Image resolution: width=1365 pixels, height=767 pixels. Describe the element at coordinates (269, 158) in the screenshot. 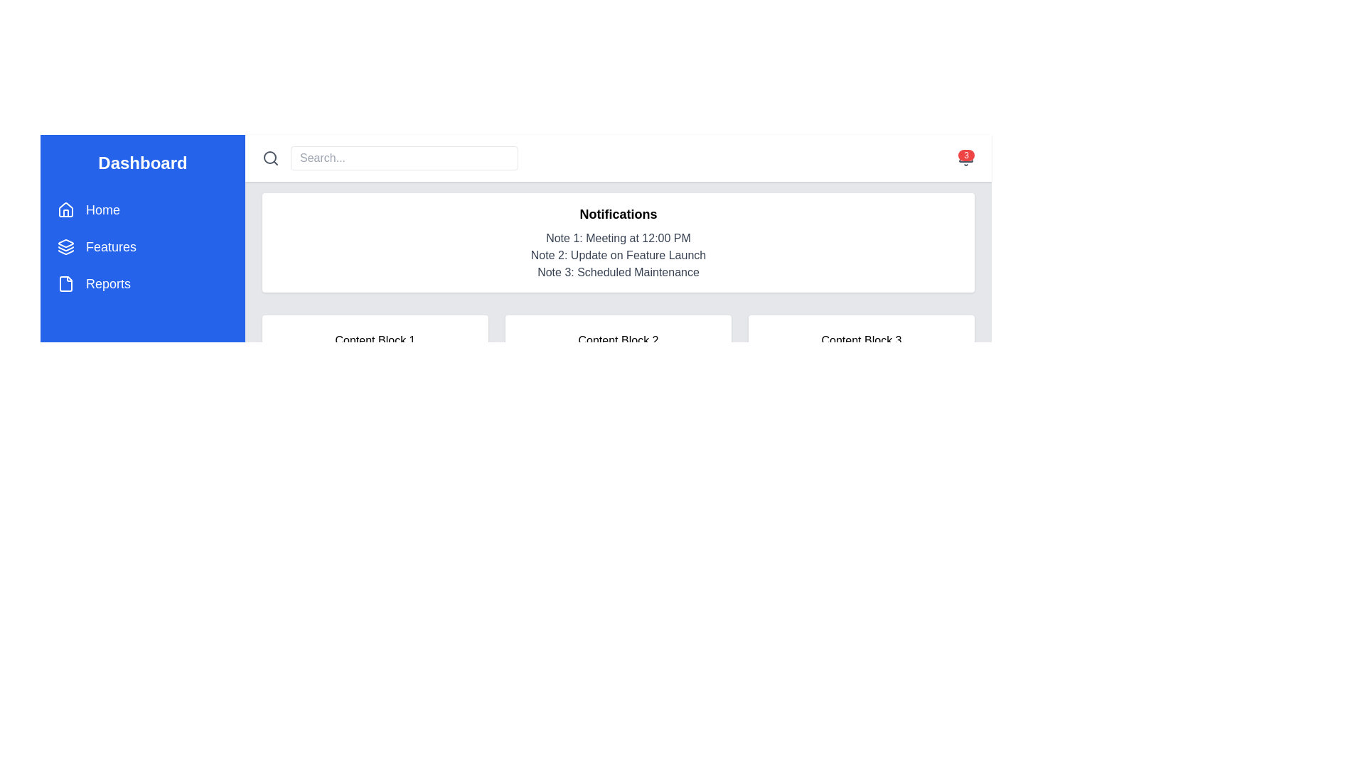

I see `the magnifying glass icon by clicking on its center, which contains the circle icon element` at that location.